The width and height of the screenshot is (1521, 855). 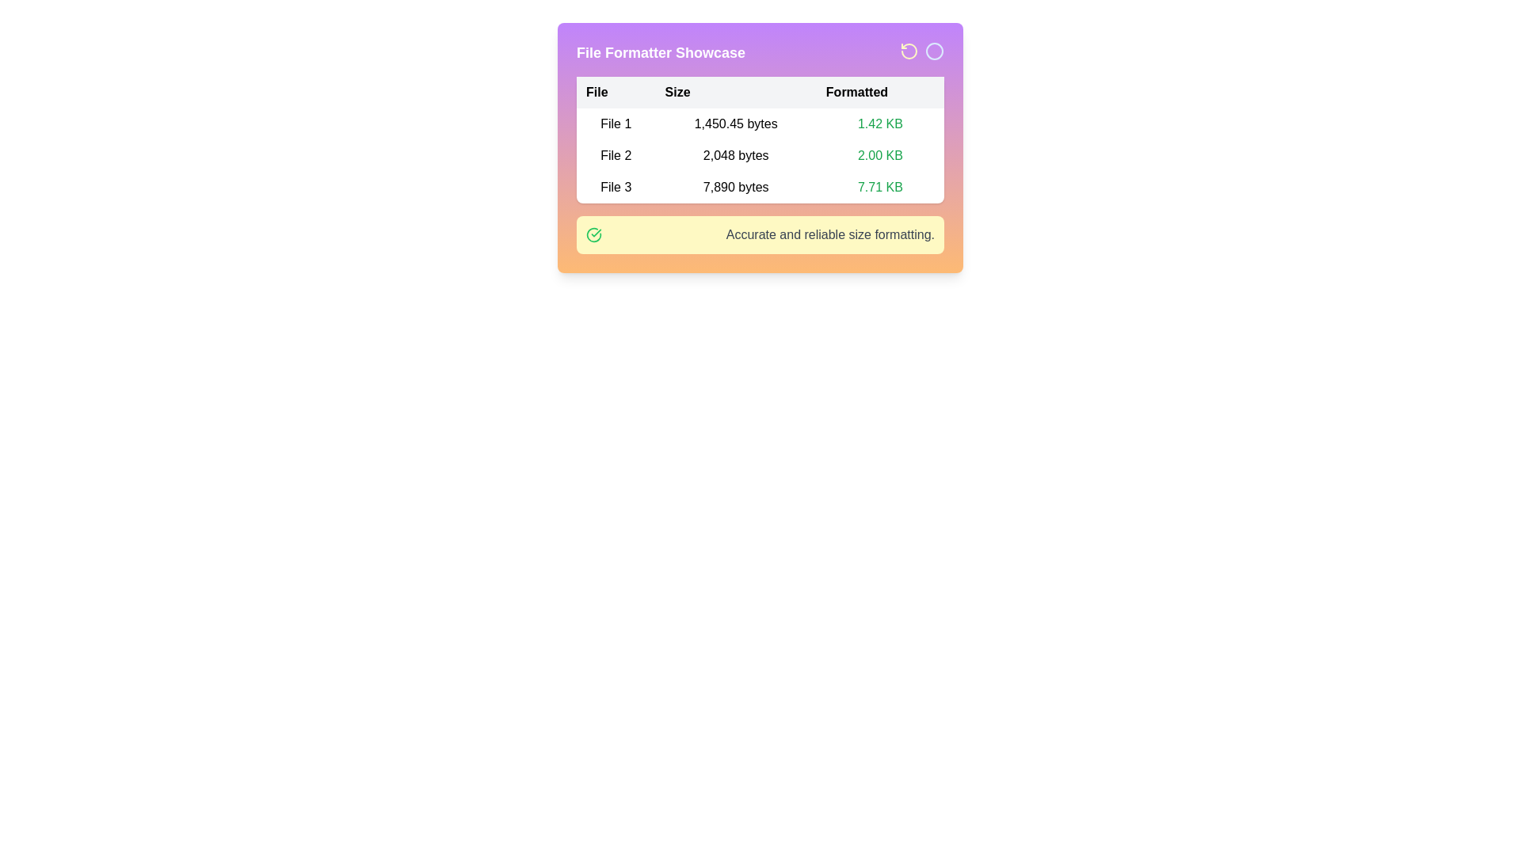 I want to click on textual header located in the top-left area of the header bar, which serves as the title for the section, so click(x=661, y=51).